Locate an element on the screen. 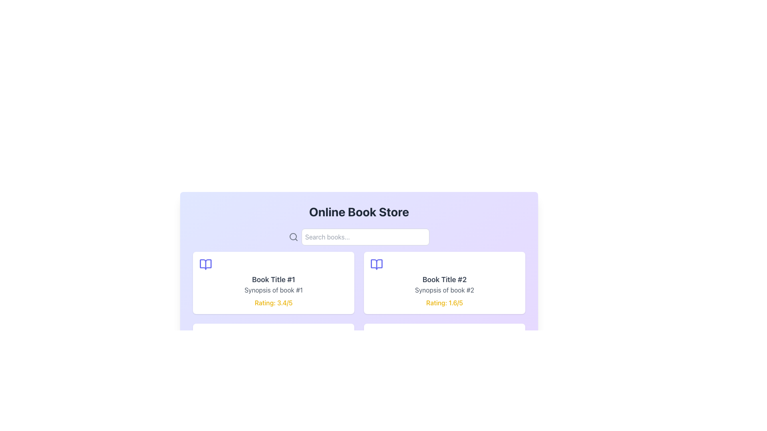 Image resolution: width=767 pixels, height=431 pixels. the graphical representation of an open book icon, which is purple in color and located in the center of the layout near 'Book Title #2' is located at coordinates (205, 265).